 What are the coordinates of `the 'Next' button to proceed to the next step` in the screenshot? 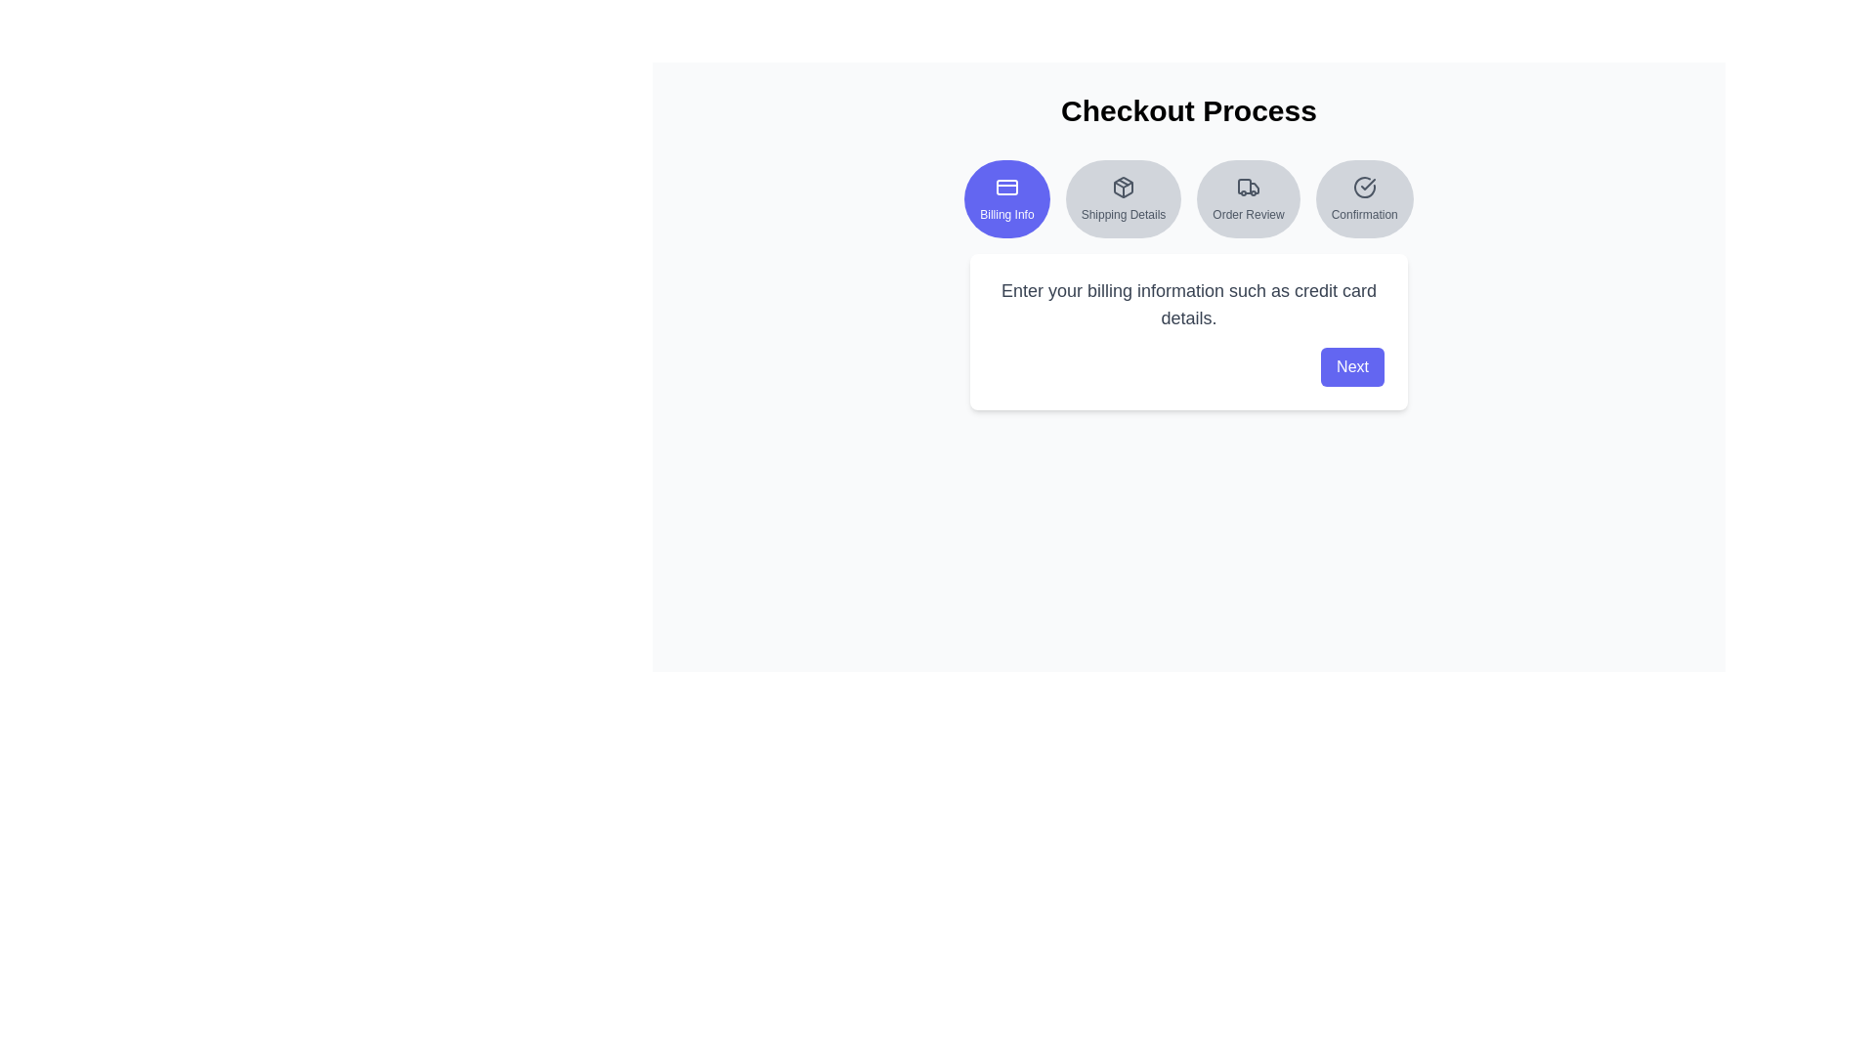 It's located at (1351, 366).